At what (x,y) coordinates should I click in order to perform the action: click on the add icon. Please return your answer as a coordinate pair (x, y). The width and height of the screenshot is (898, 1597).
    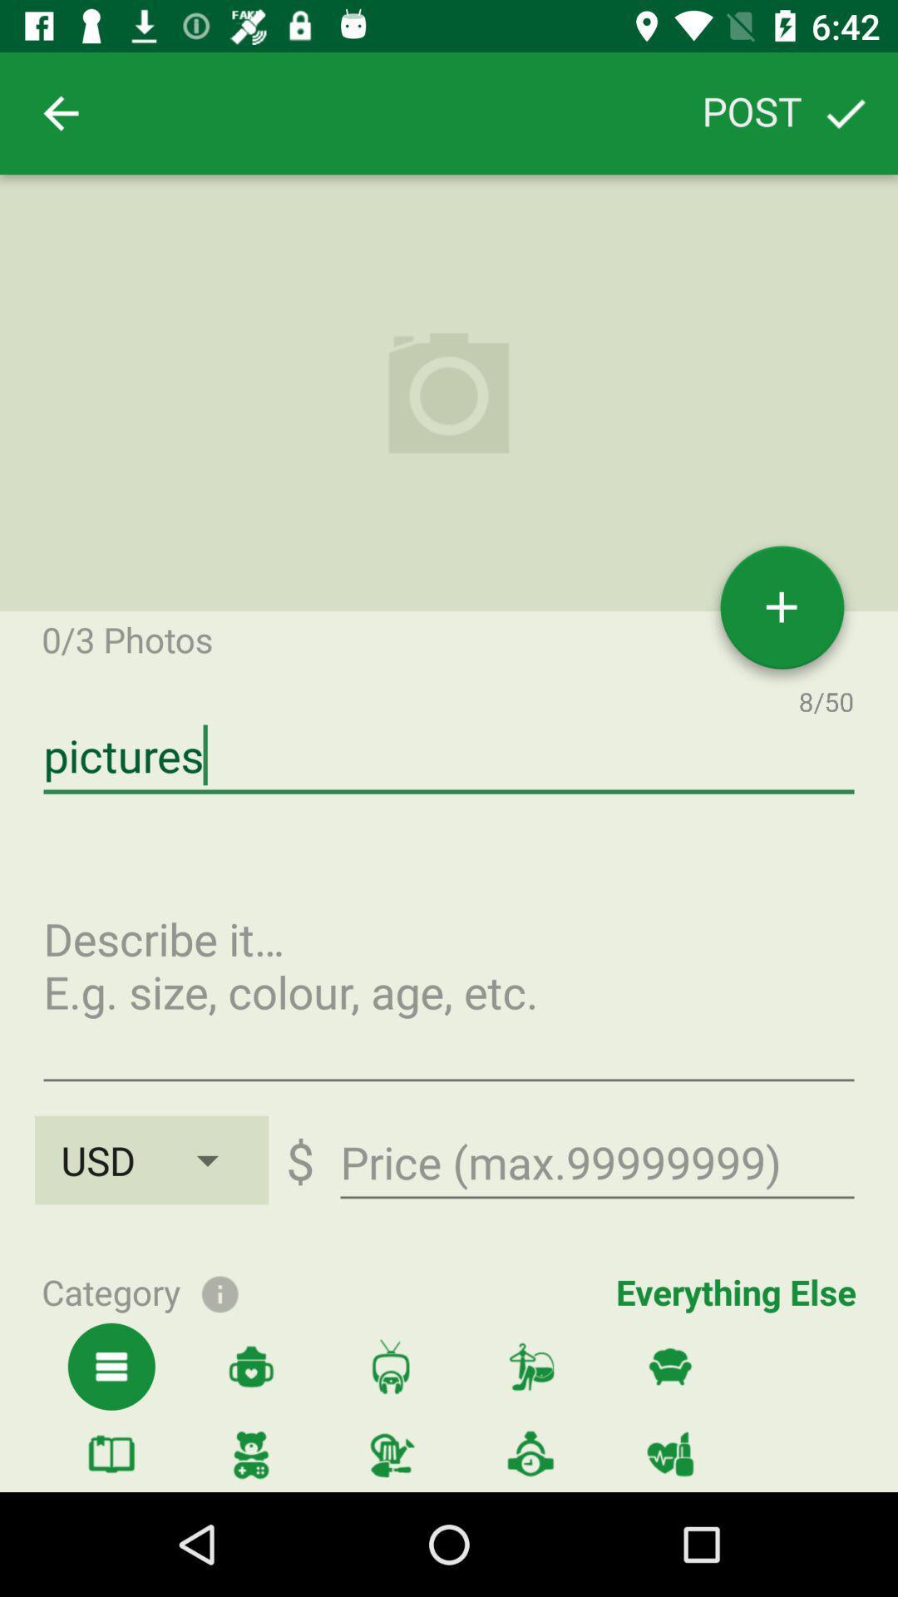
    Looking at the image, I should click on (782, 613).